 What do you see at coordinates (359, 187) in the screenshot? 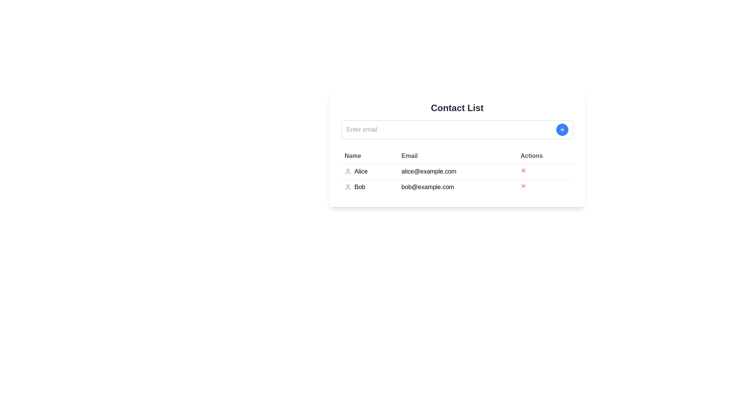
I see `text content of the element displaying the name 'Bob', located in the second row of the contact list table under the 'Name' column, adjacent to the profile icon` at bounding box center [359, 187].